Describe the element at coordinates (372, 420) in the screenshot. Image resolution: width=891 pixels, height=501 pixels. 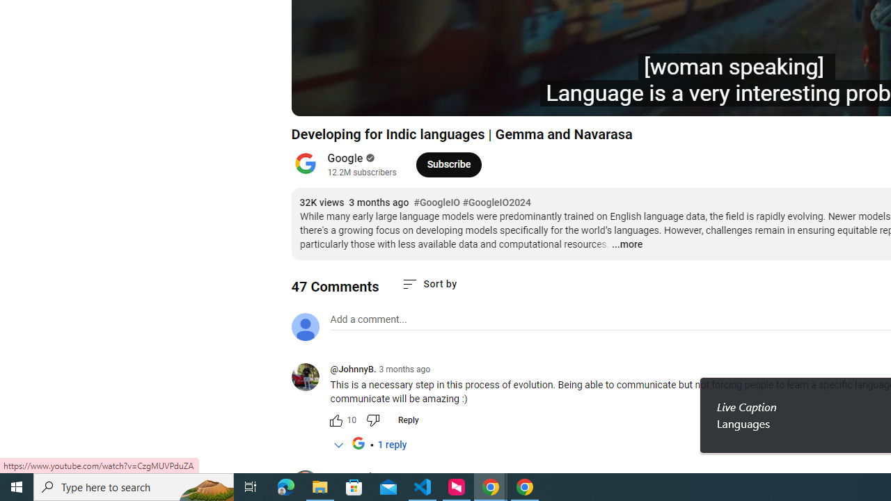
I see `'Dislike this comment'` at that location.